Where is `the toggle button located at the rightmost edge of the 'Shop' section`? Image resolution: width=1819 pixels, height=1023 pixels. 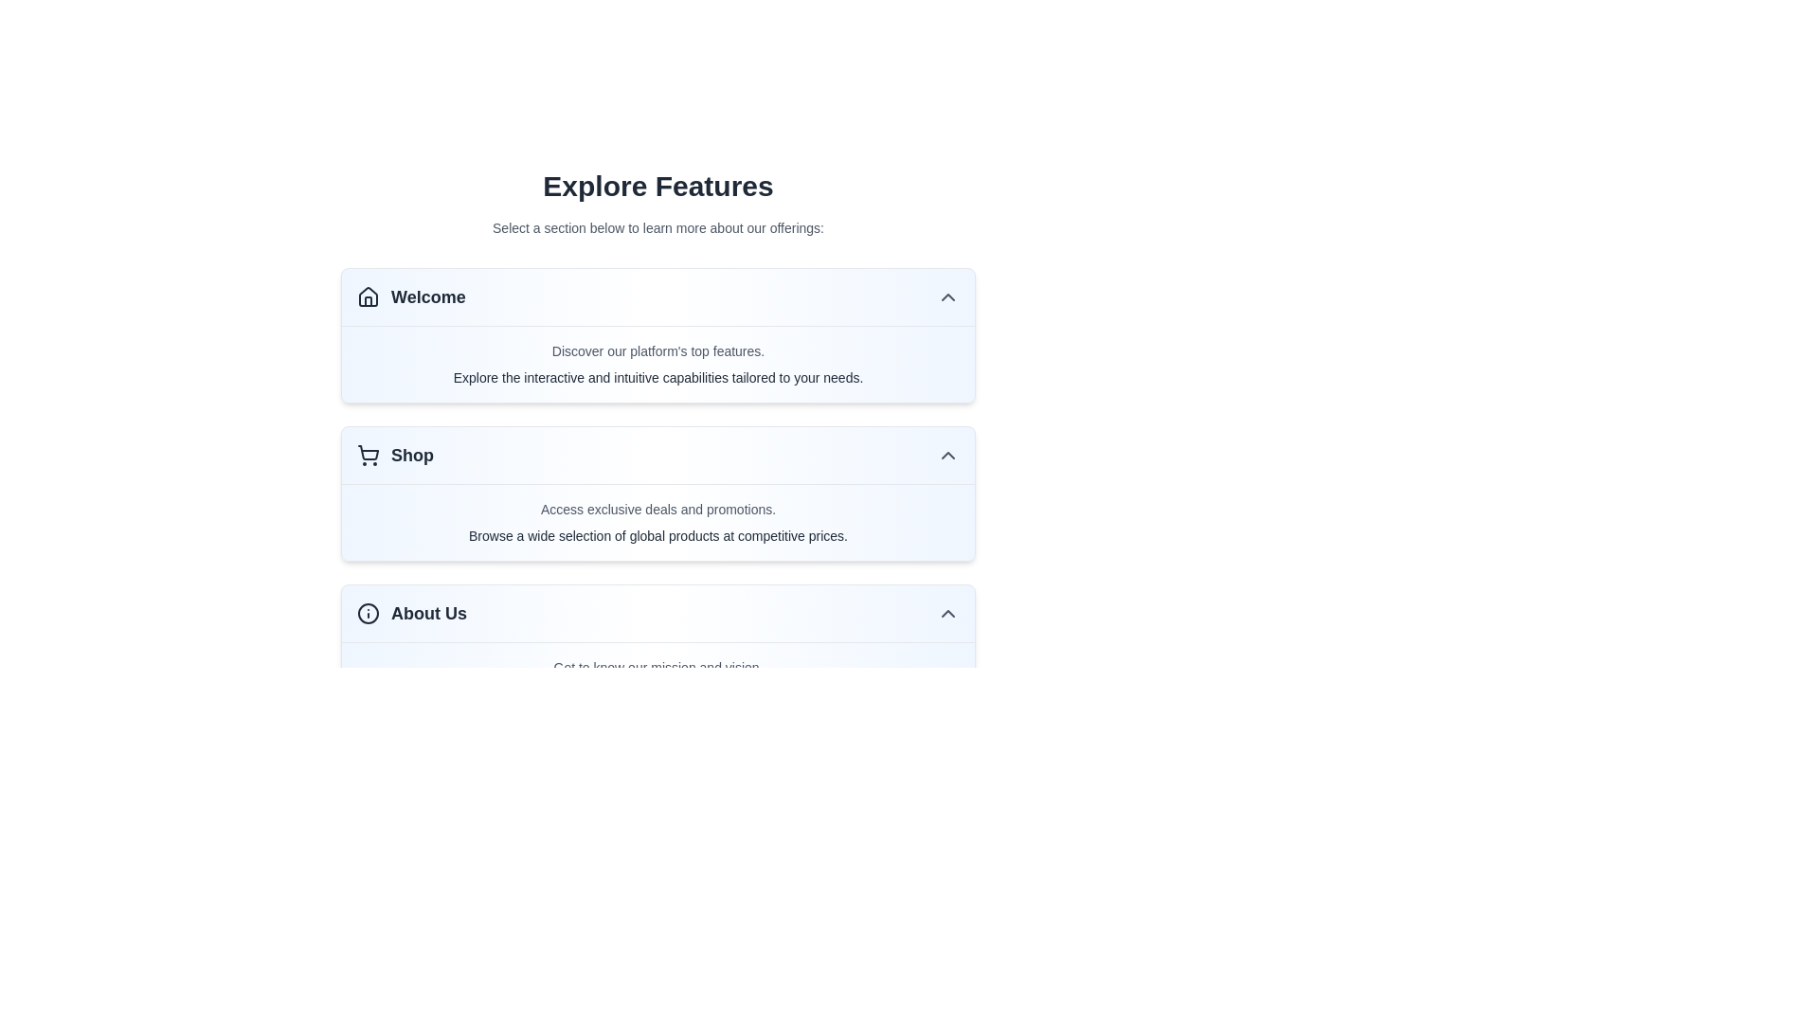 the toggle button located at the rightmost edge of the 'Shop' section is located at coordinates (948, 456).